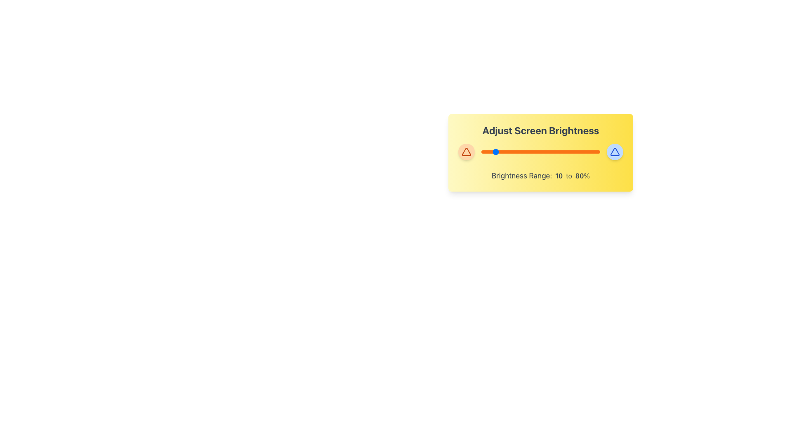 Image resolution: width=792 pixels, height=446 pixels. What do you see at coordinates (503, 152) in the screenshot?
I see `the brightness` at bounding box center [503, 152].